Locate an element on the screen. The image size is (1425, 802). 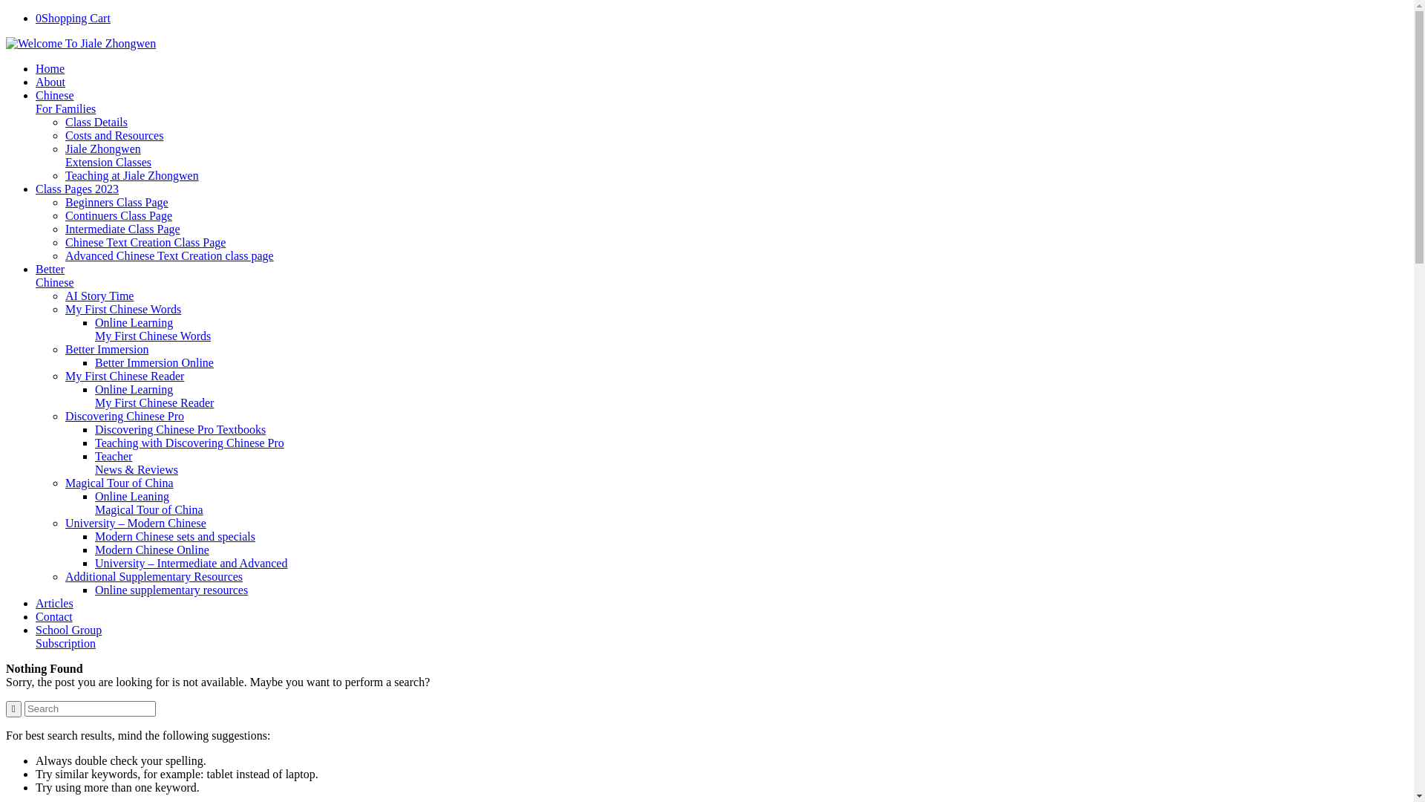
'About' is located at coordinates (50, 82).